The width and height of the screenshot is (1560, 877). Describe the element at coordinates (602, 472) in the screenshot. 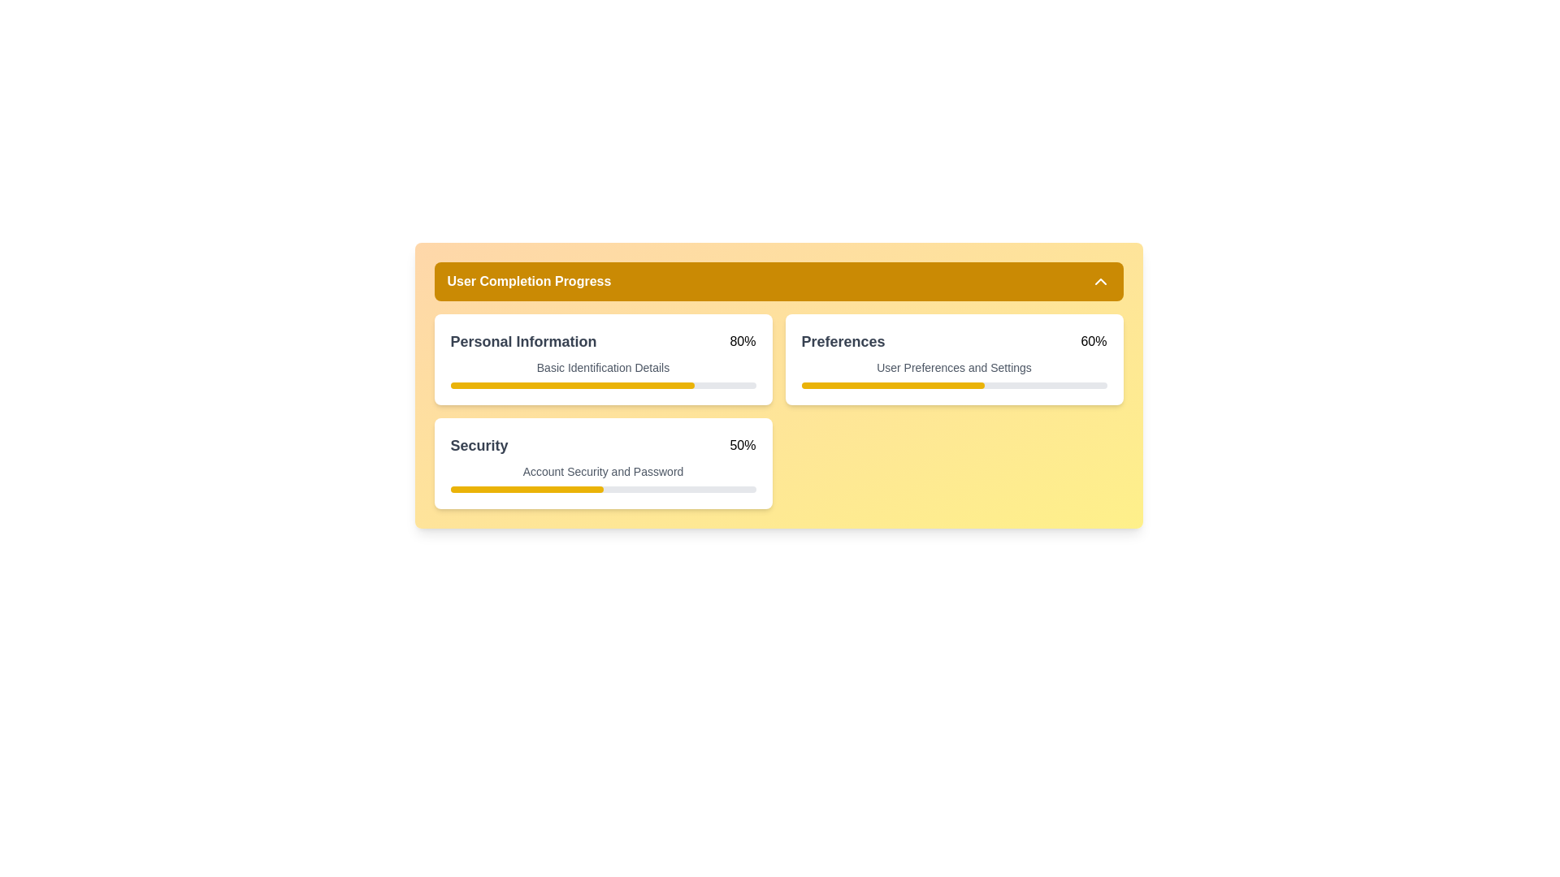

I see `the text label that reads 'Account Security and Password', which is a muted gray and positioned below the heading 'Security' and the percentage text '50%'` at that location.